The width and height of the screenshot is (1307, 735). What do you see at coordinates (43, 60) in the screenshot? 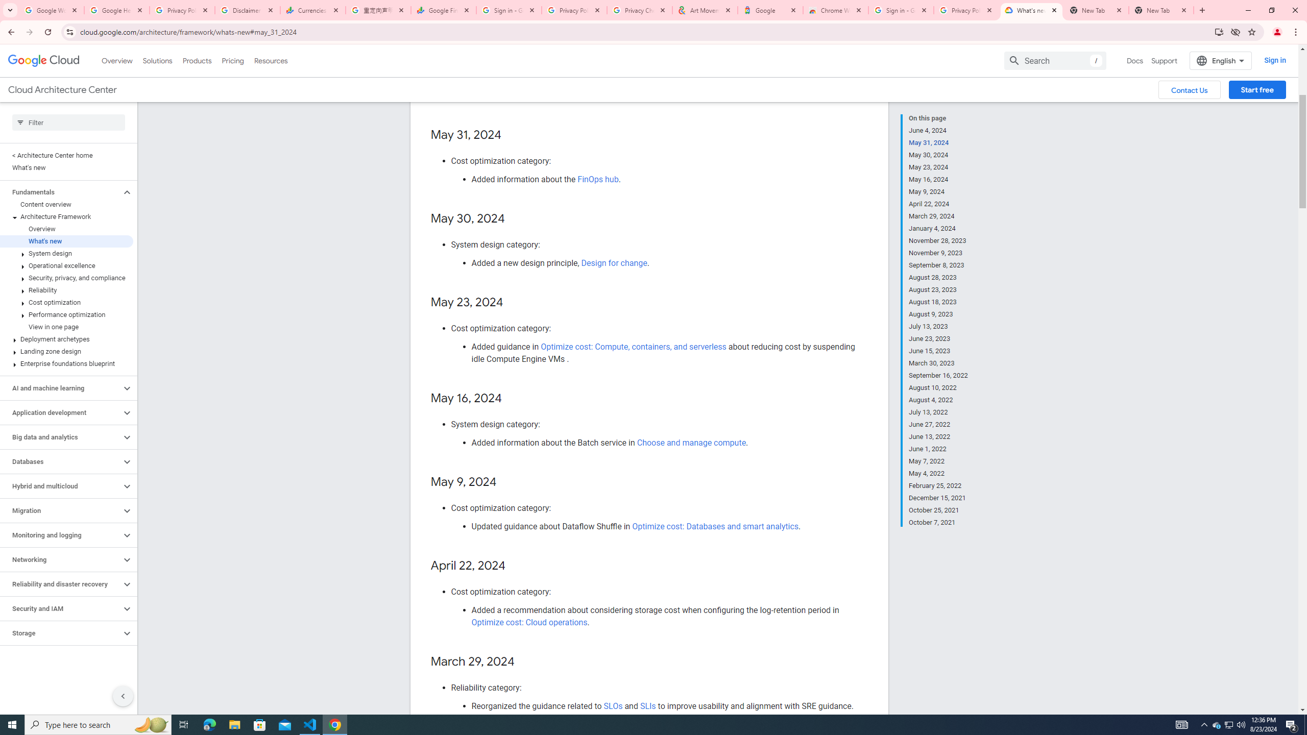
I see `'Google Cloud'` at bounding box center [43, 60].